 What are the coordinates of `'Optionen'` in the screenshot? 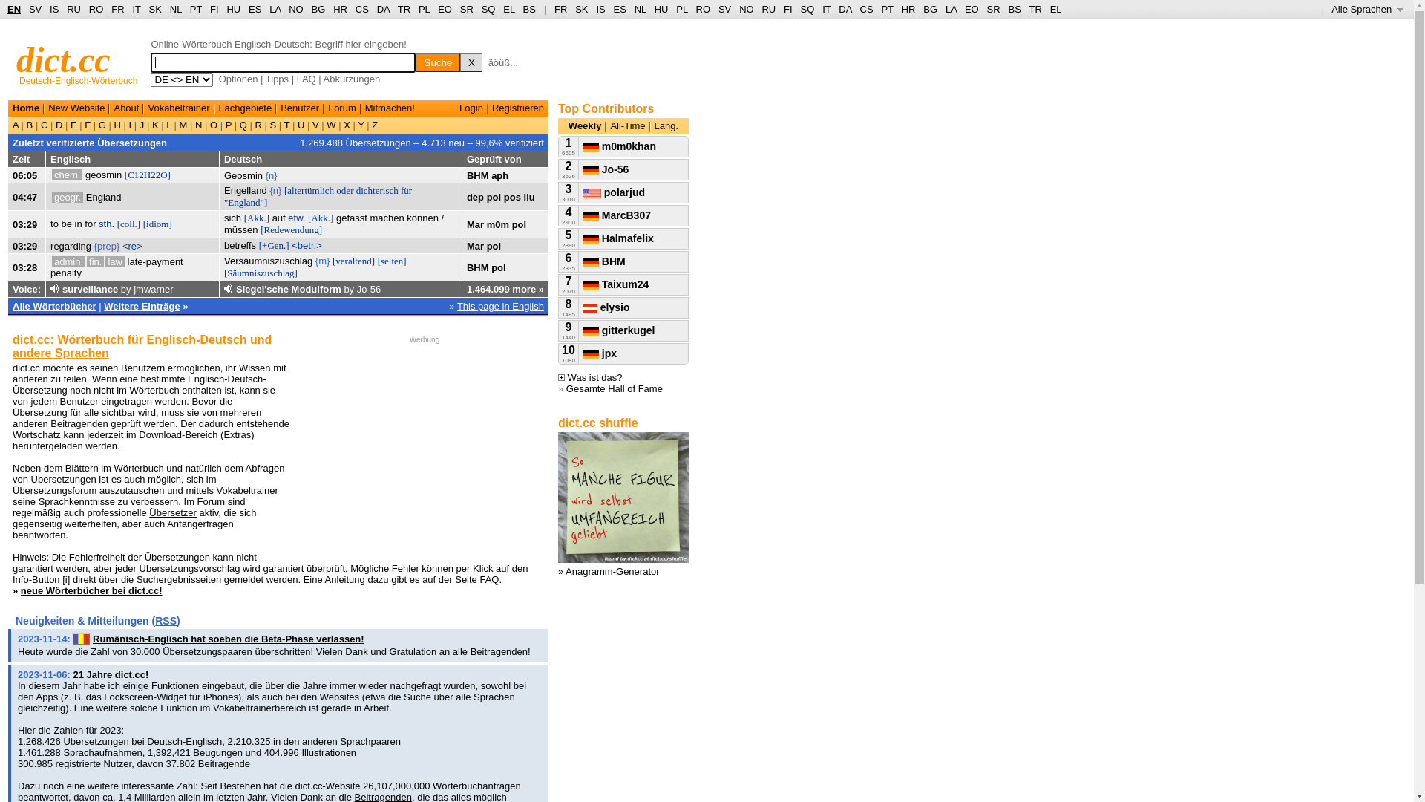 It's located at (238, 79).